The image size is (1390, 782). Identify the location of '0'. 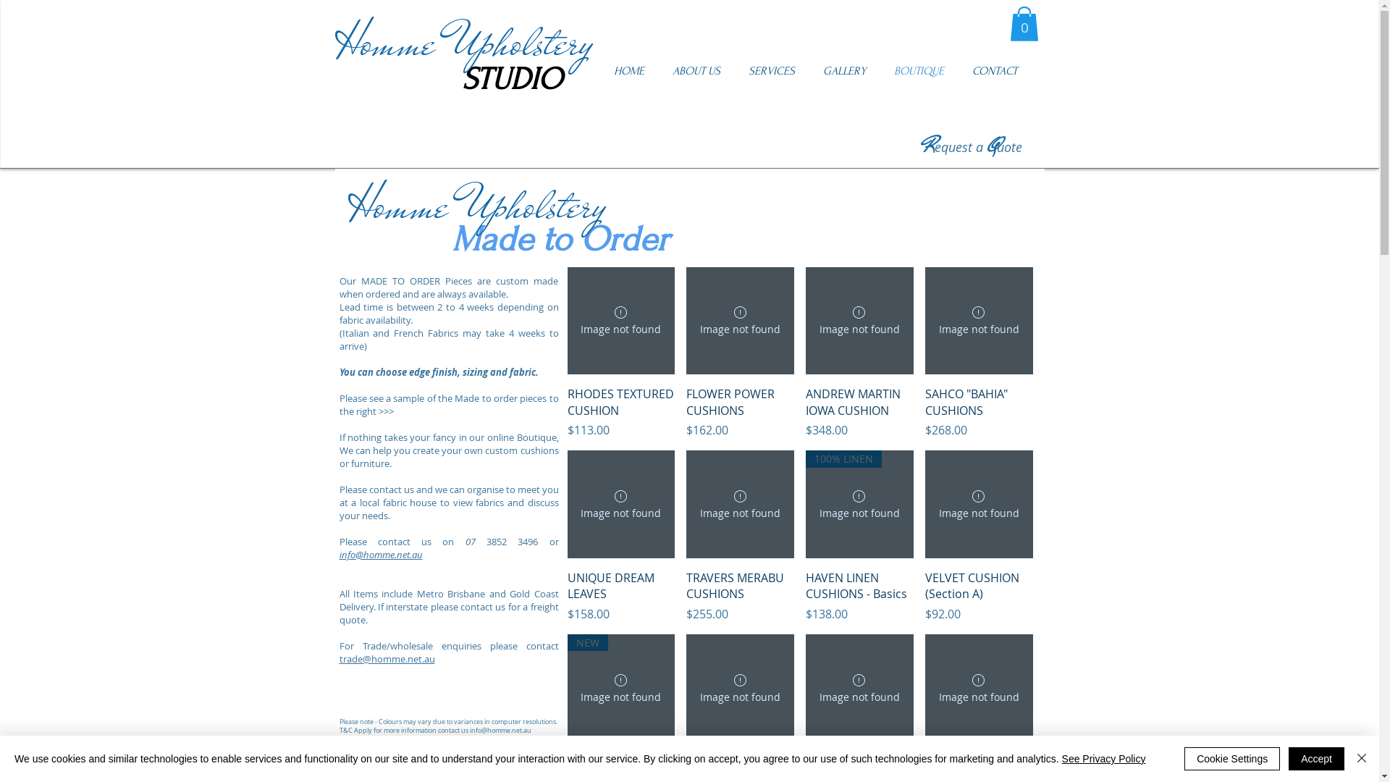
(1023, 24).